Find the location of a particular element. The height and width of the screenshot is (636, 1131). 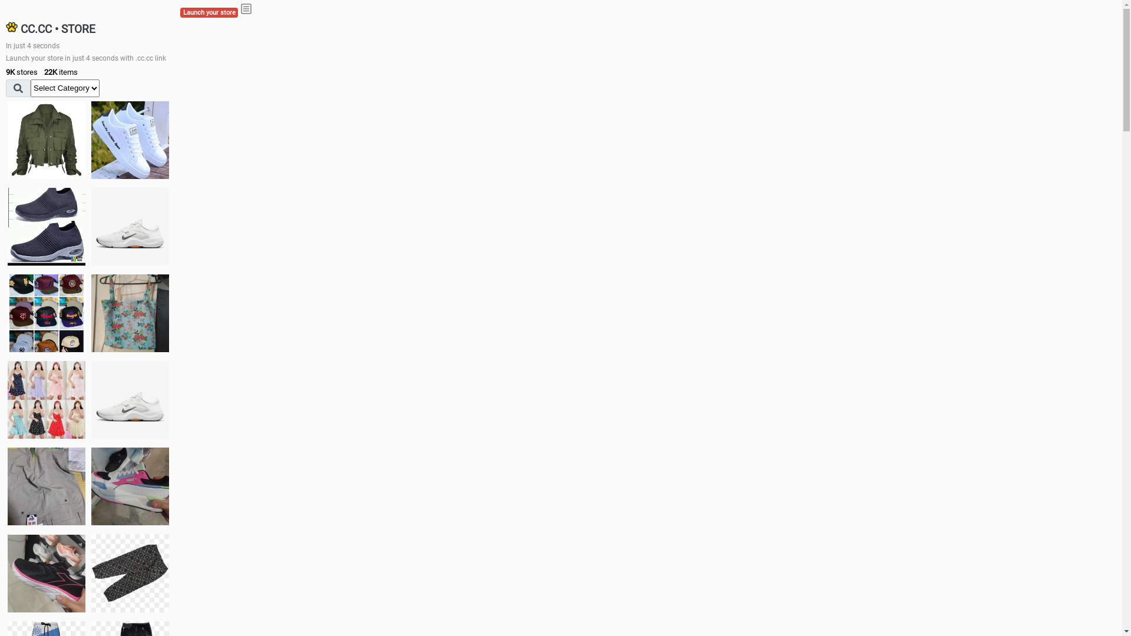

'Launch your store' is located at coordinates (209, 12).